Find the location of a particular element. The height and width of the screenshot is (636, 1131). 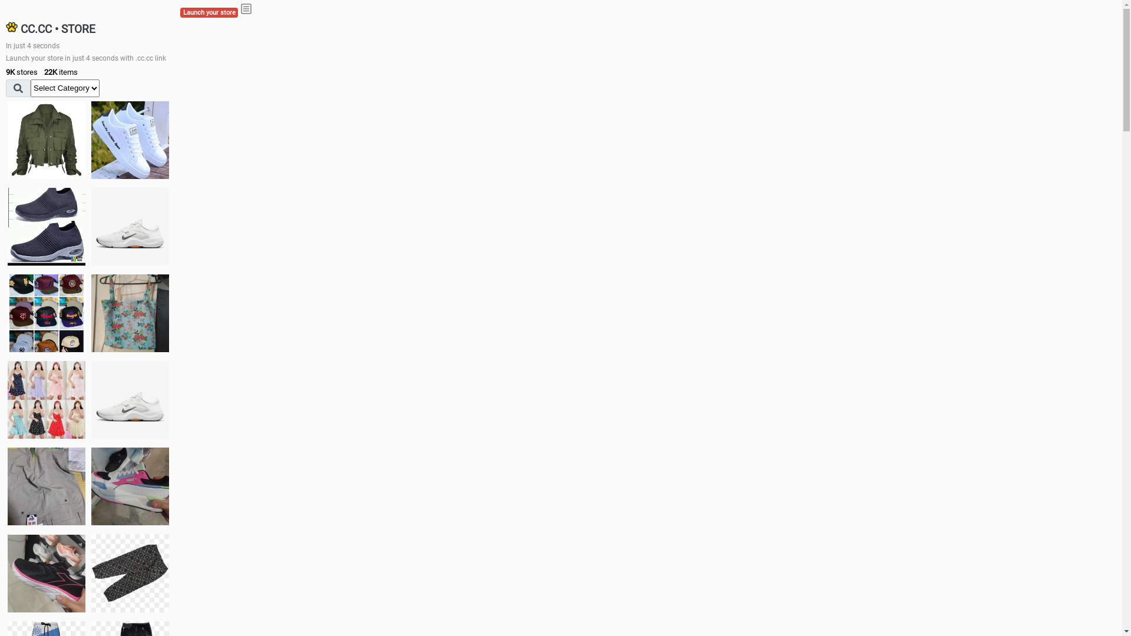

'Launch your store' is located at coordinates (209, 12).